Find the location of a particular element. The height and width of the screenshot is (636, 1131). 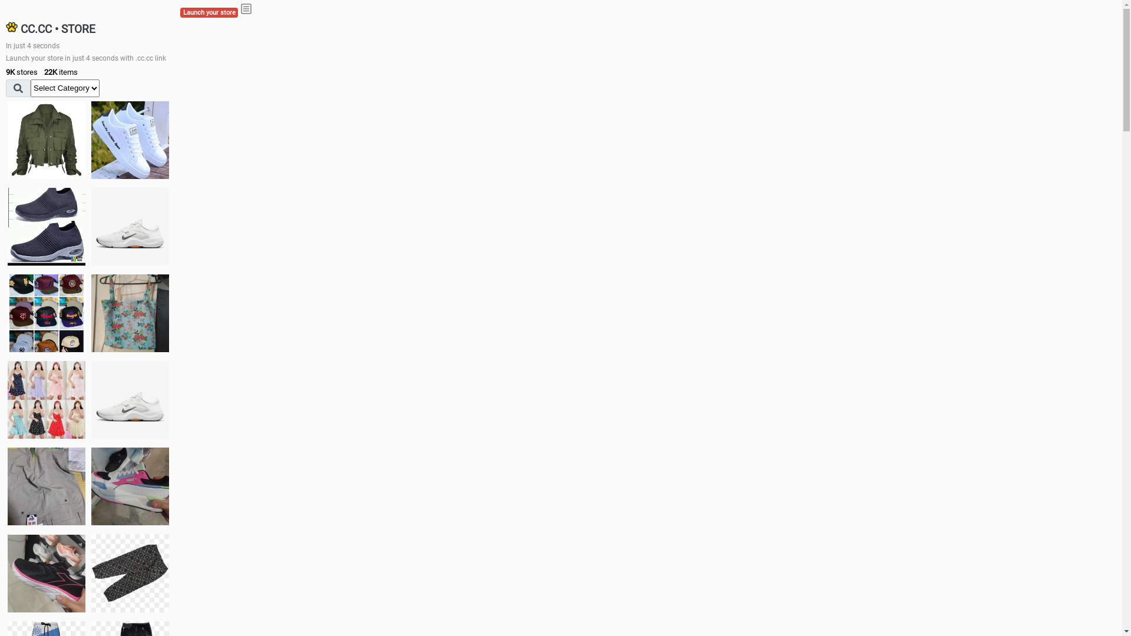

'Launch your store' is located at coordinates (209, 12).